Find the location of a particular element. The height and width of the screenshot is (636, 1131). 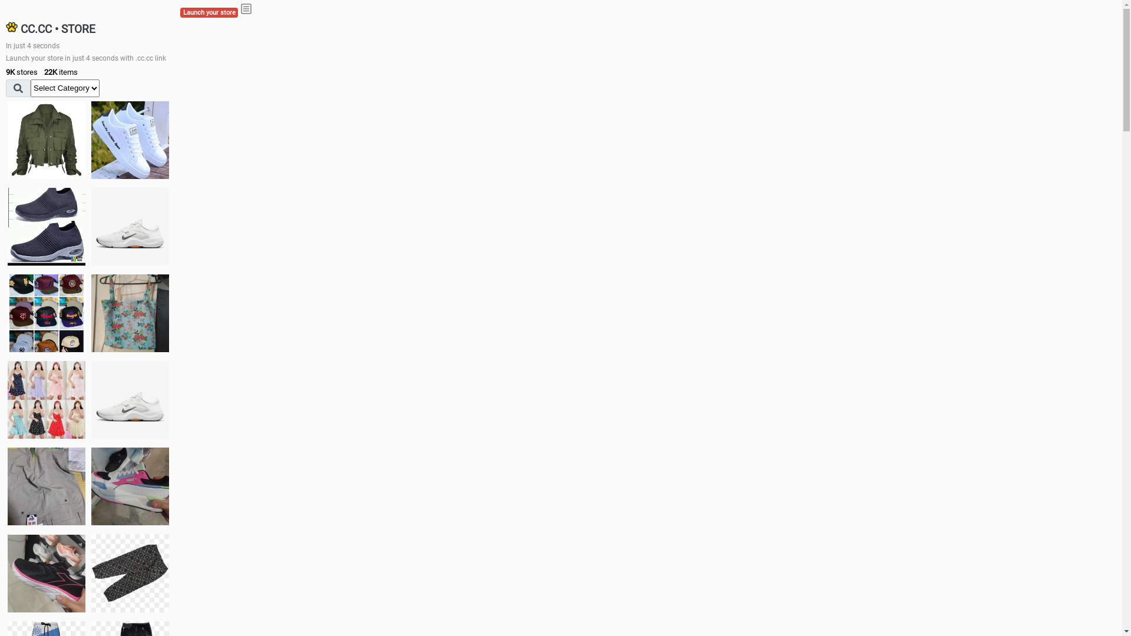

'Launch your store' is located at coordinates (209, 12).